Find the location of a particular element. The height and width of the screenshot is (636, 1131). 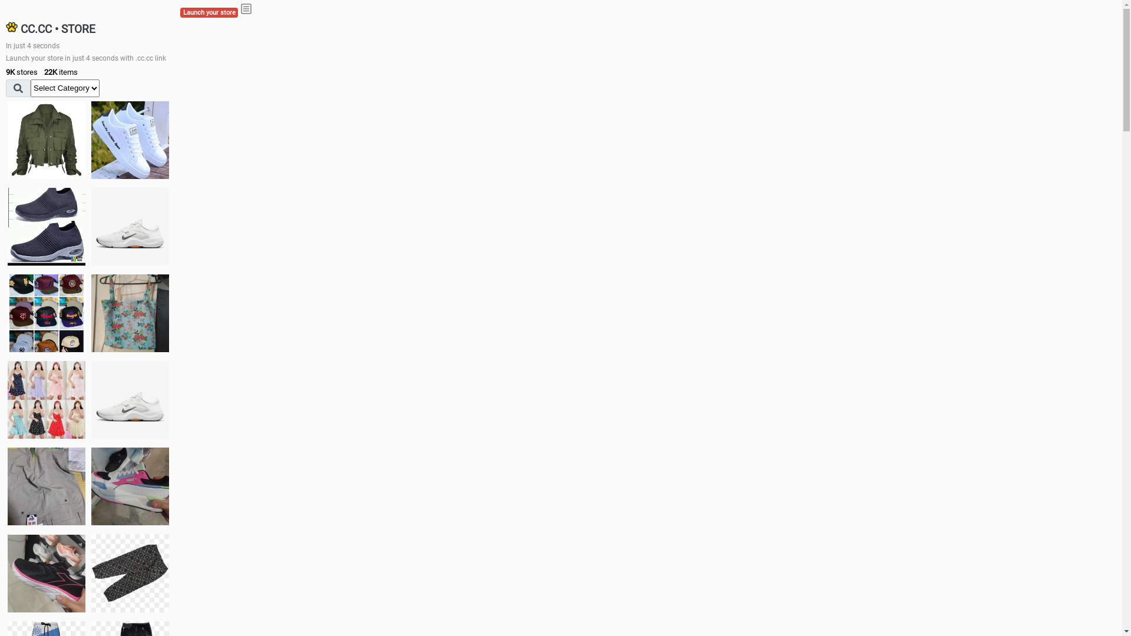

'Launch your store' is located at coordinates (209, 12).